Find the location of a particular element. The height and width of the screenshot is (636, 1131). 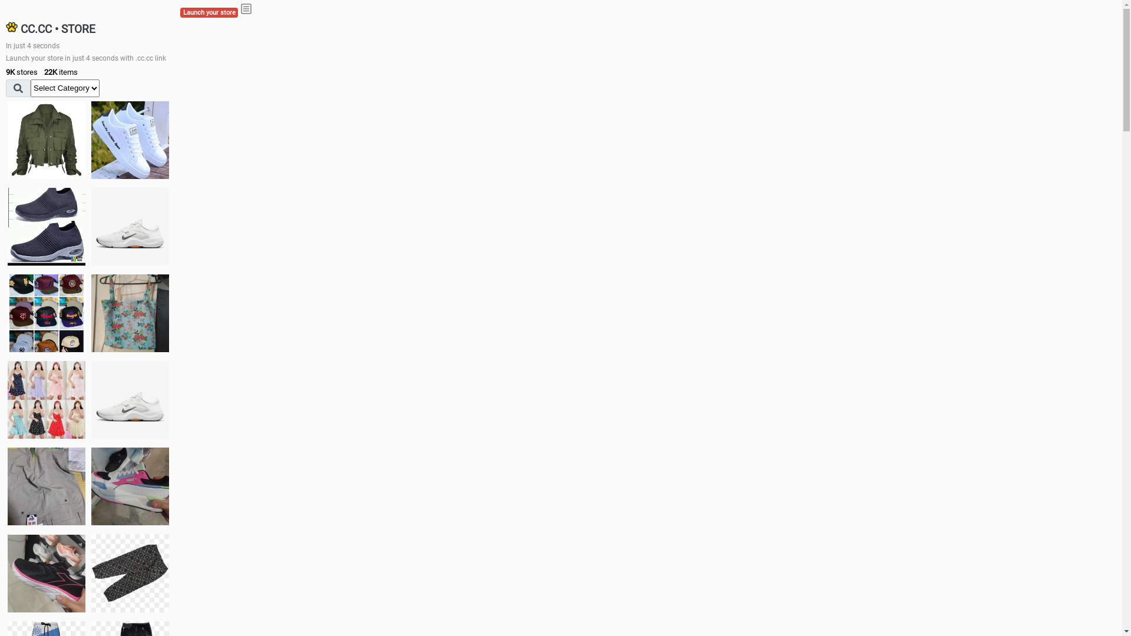

'Launch your store' is located at coordinates (209, 12).